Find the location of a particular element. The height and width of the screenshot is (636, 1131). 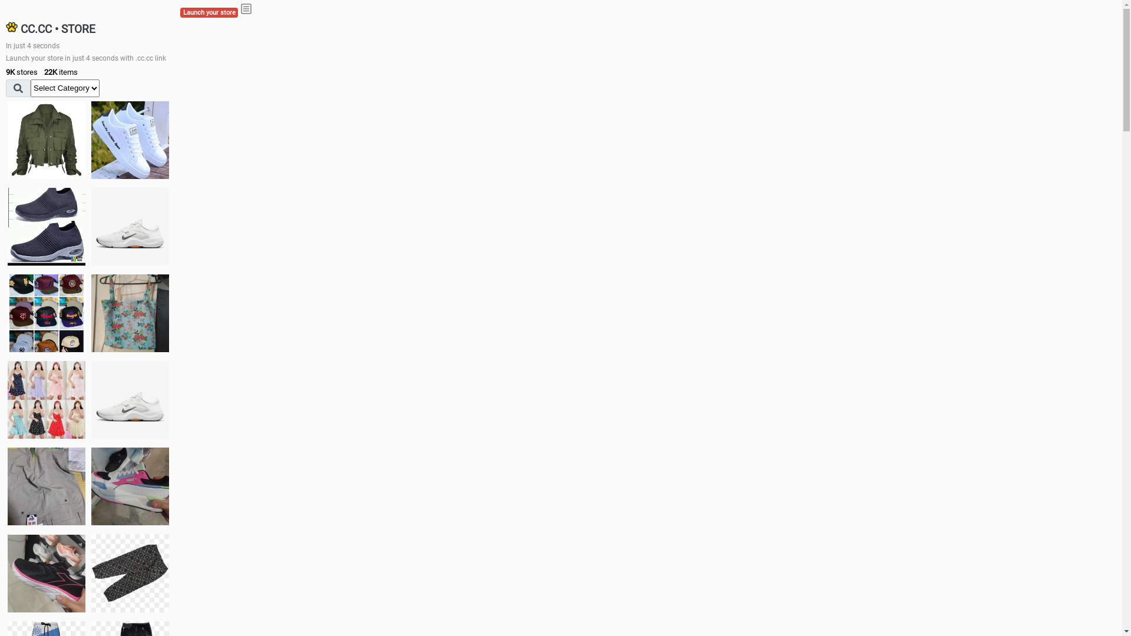

'Launch your store' is located at coordinates (209, 12).